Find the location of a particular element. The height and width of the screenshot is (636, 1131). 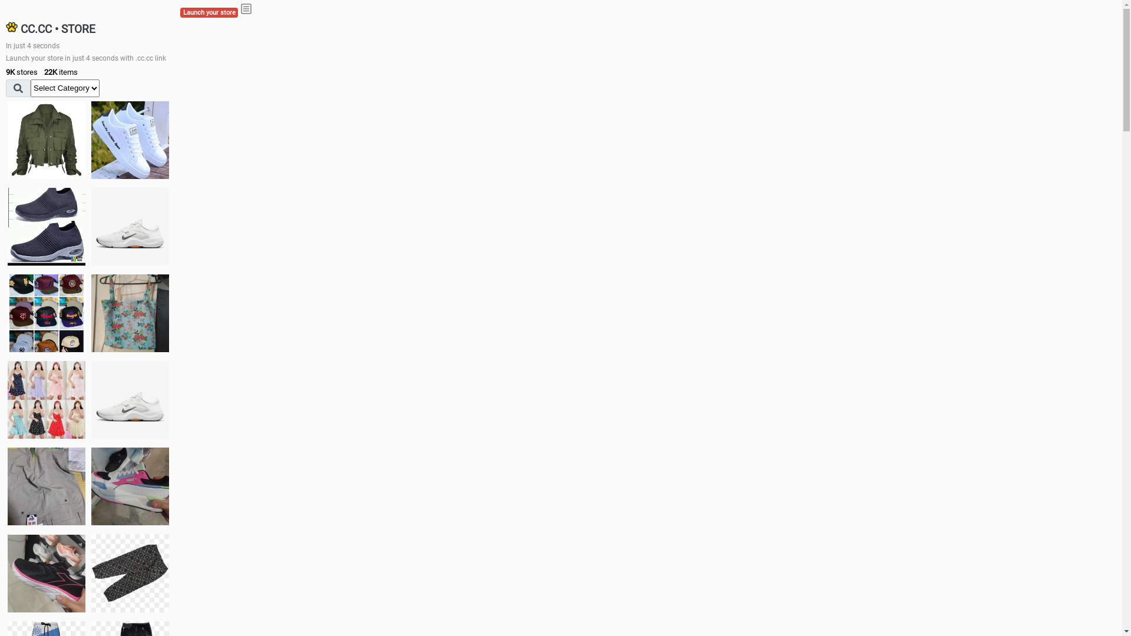

'Launch your store' is located at coordinates (209, 12).